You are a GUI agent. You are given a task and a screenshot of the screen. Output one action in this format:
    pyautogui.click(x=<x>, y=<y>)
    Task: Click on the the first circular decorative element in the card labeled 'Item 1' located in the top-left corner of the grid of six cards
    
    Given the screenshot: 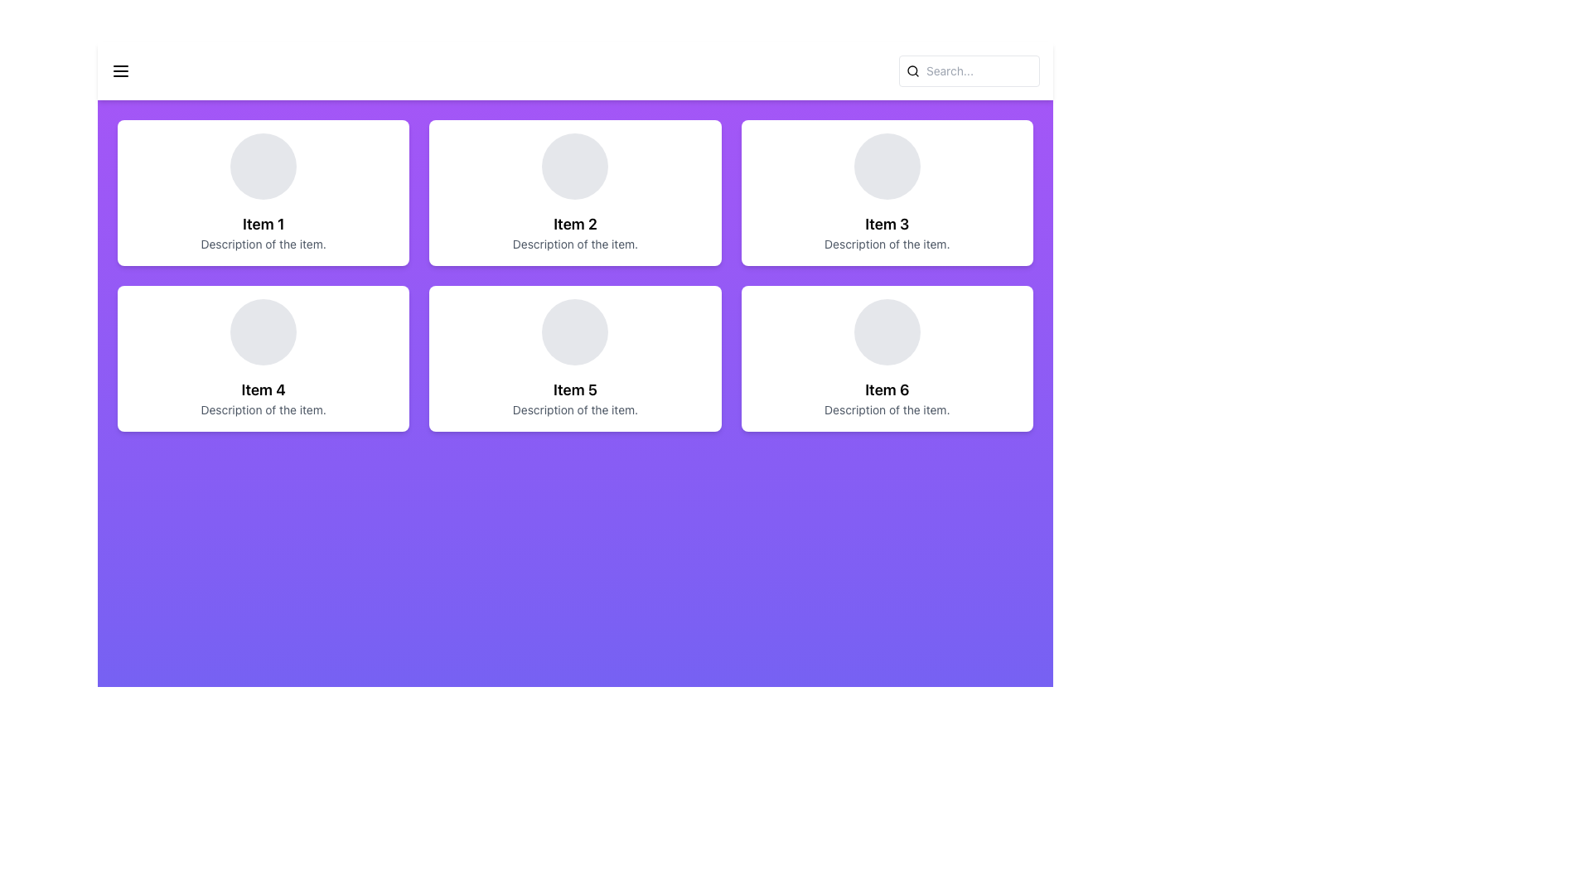 What is the action you would take?
    pyautogui.click(x=263, y=166)
    